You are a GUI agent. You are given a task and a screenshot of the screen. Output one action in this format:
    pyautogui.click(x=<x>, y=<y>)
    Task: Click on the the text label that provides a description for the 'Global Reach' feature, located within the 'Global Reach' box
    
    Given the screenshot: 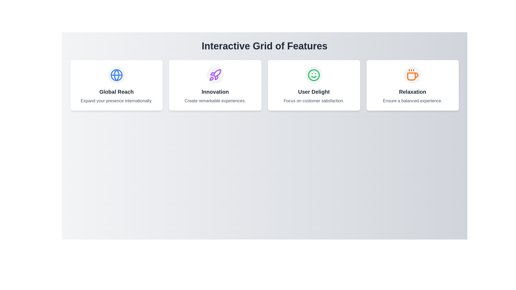 What is the action you would take?
    pyautogui.click(x=116, y=101)
    